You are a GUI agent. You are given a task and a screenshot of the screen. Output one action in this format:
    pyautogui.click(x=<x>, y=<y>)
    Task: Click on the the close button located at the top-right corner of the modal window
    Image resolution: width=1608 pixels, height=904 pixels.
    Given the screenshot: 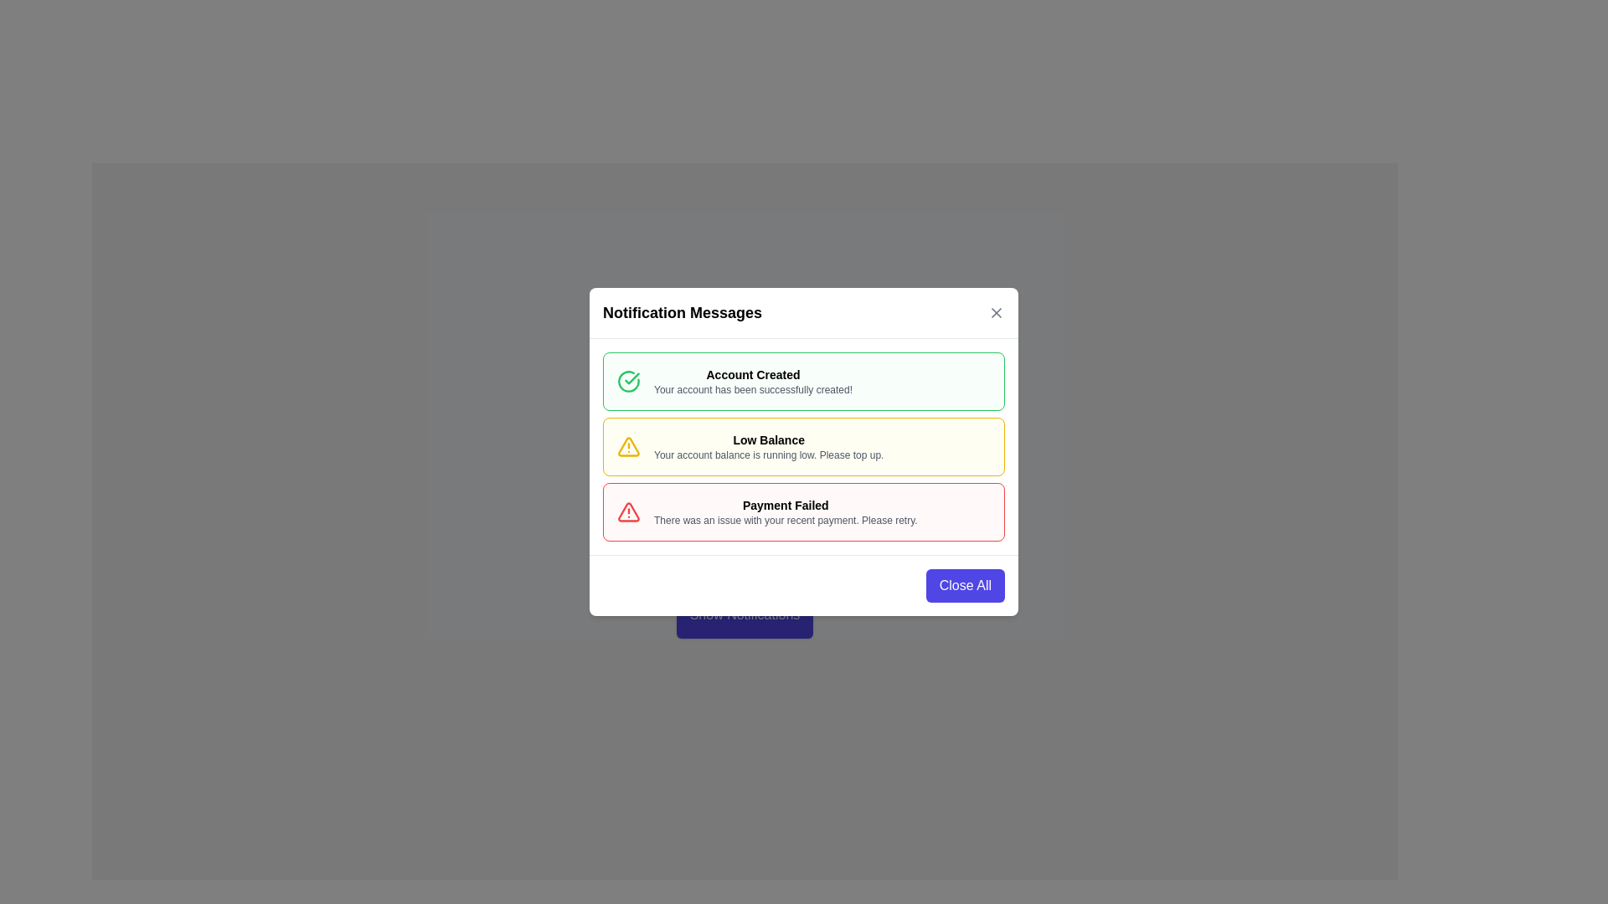 What is the action you would take?
    pyautogui.click(x=997, y=313)
    